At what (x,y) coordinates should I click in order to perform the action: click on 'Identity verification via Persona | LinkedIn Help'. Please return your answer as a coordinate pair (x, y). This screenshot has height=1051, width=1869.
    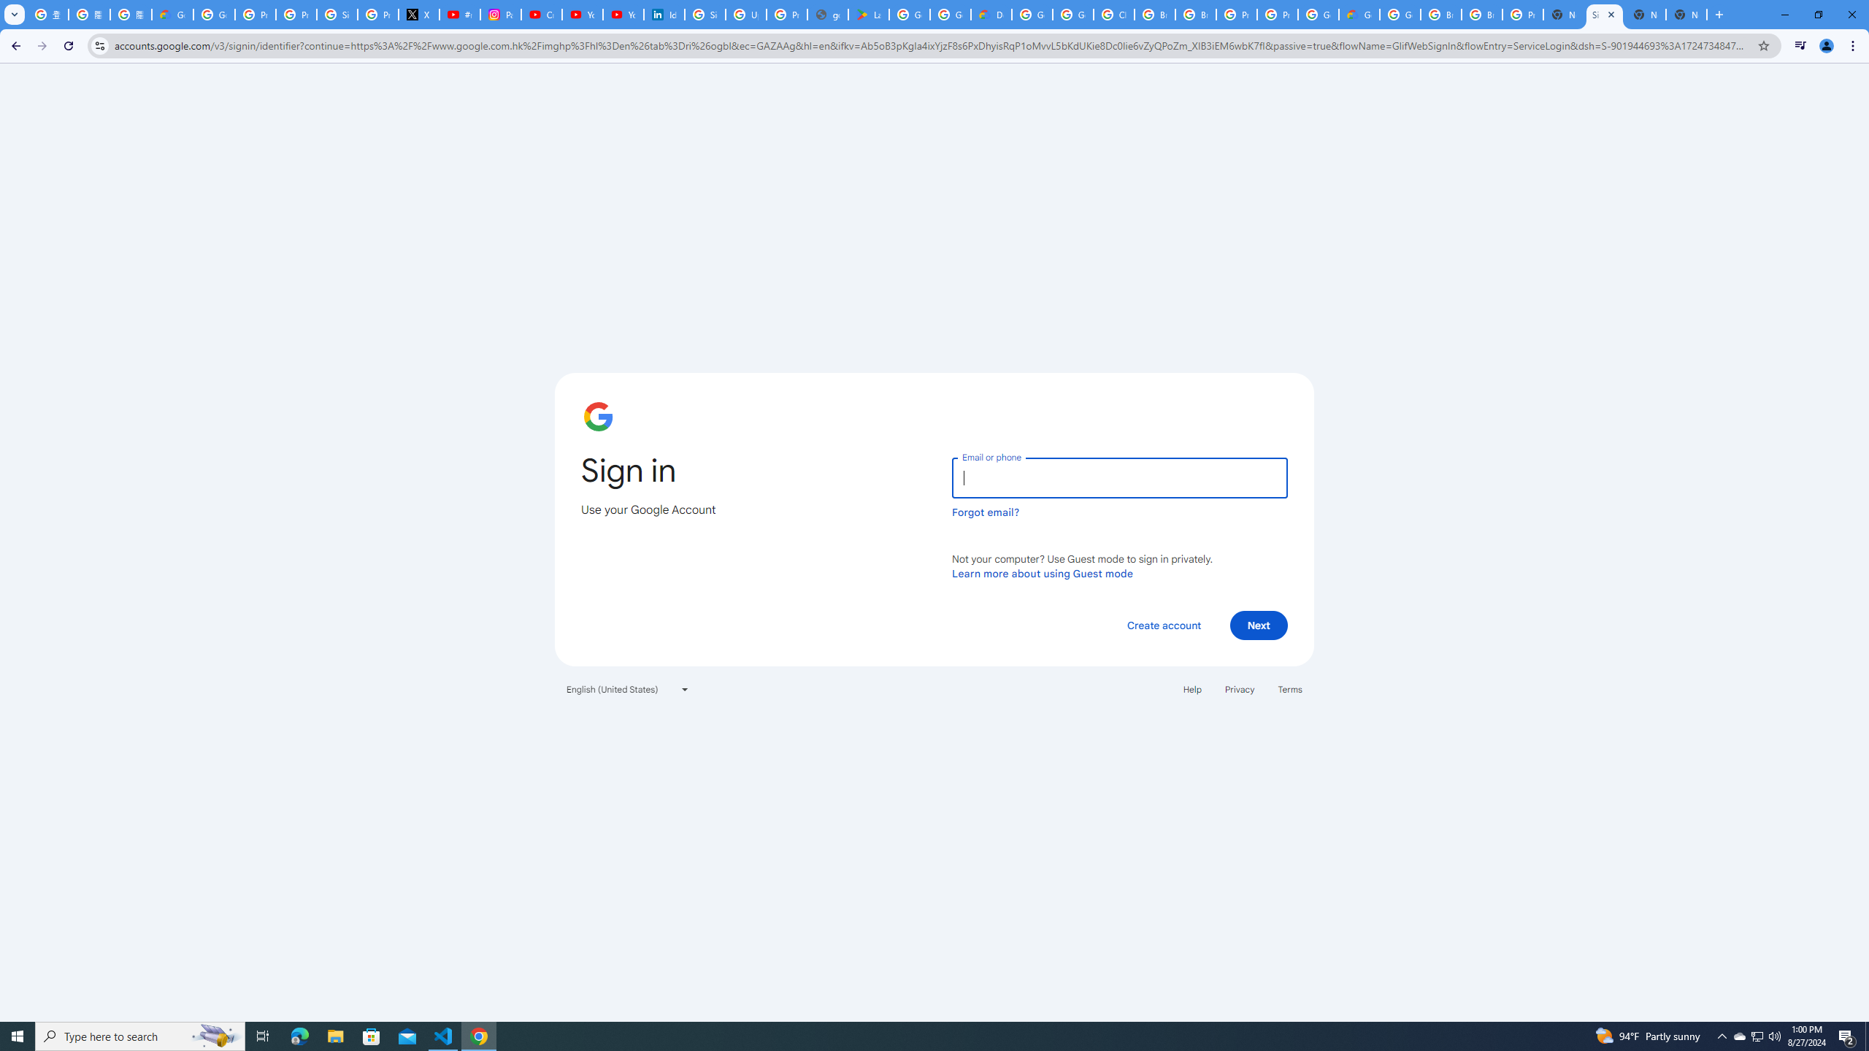
    Looking at the image, I should click on (664, 14).